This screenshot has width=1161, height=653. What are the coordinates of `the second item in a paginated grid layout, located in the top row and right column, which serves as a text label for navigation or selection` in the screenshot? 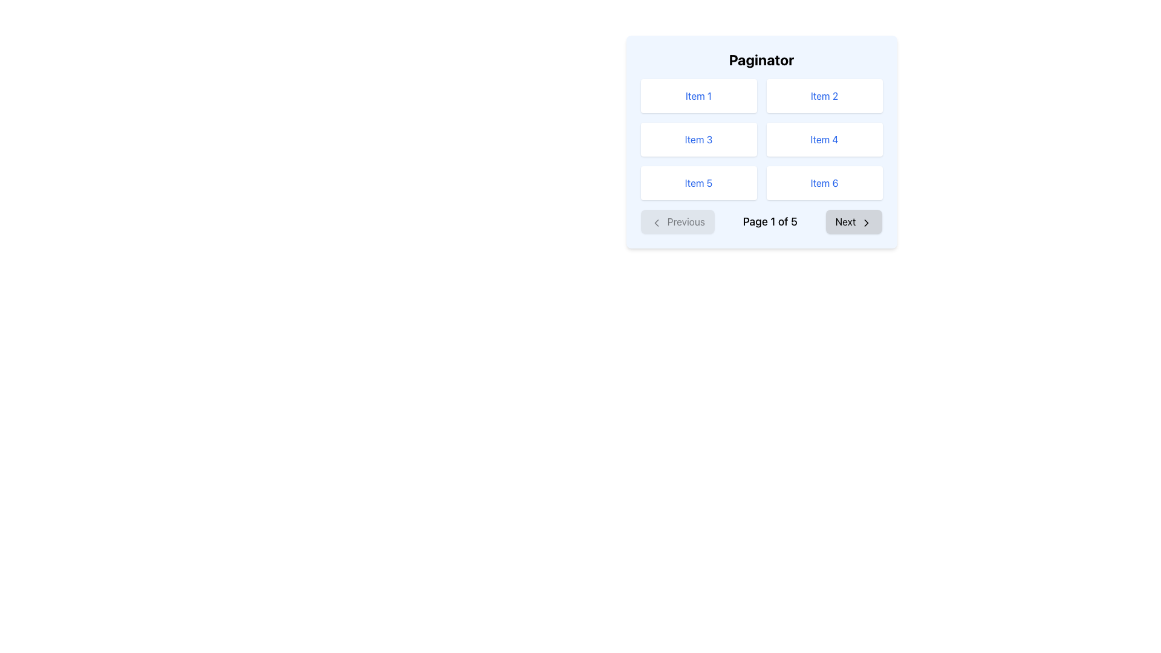 It's located at (824, 95).